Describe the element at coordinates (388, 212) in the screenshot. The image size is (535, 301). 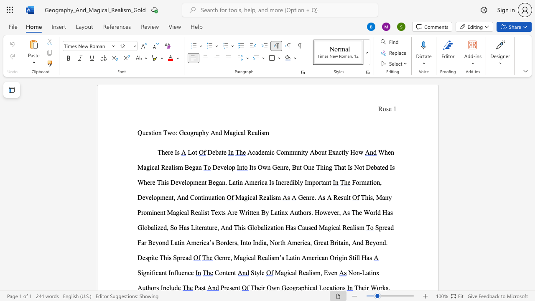
I see `the 1th character "a" in the text` at that location.